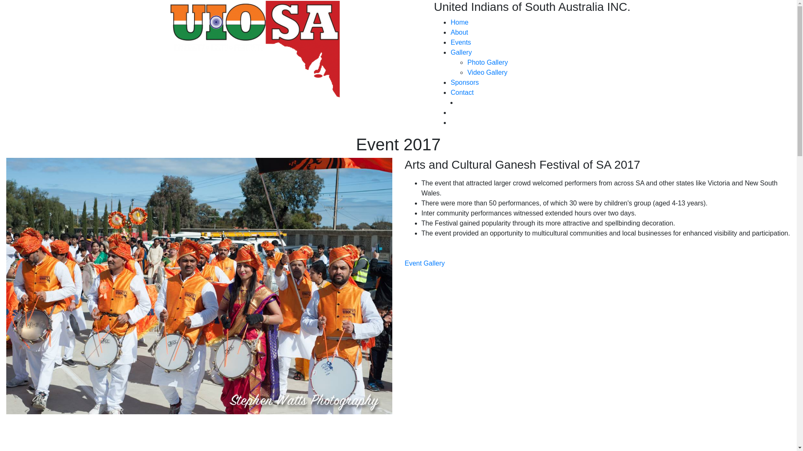  I want to click on 'Gallery', so click(460, 52).